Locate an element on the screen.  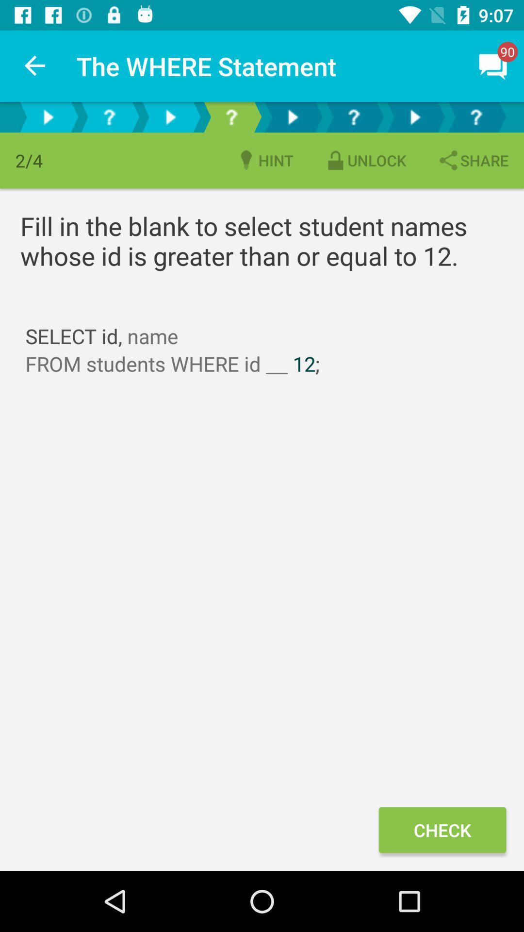
next button is located at coordinates (48, 116).